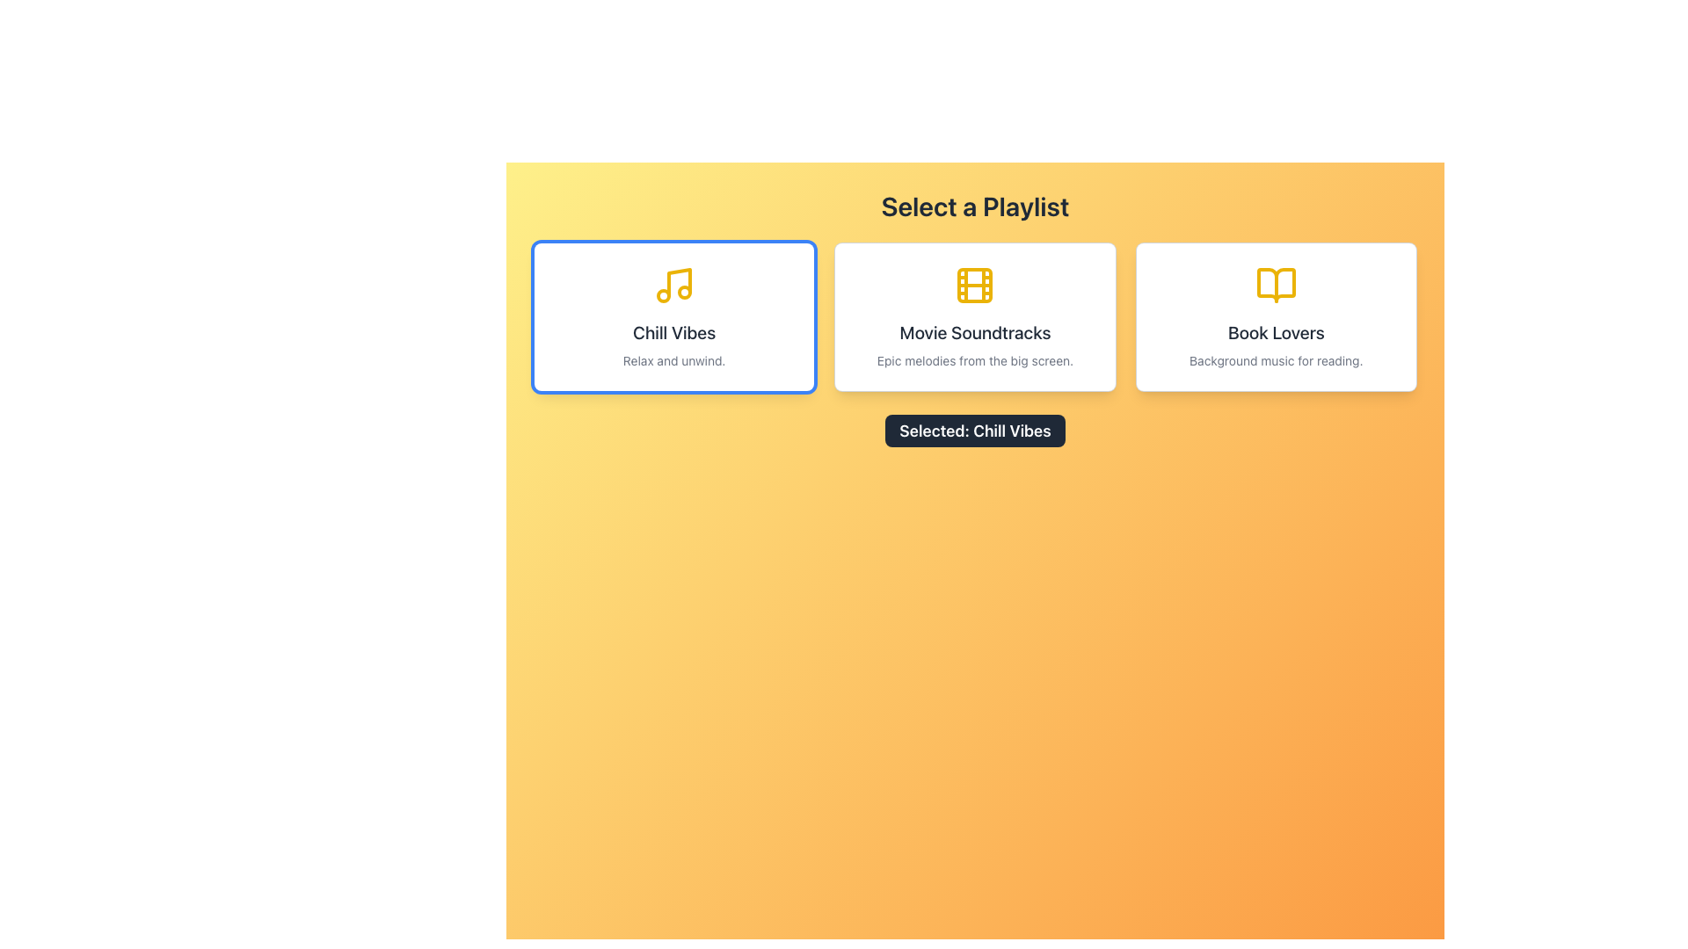 This screenshot has height=949, width=1688. I want to click on the 'Chill Vibes' playlist icon, which is located at the top-center of the playlist card, above the text labels, so click(673, 284).